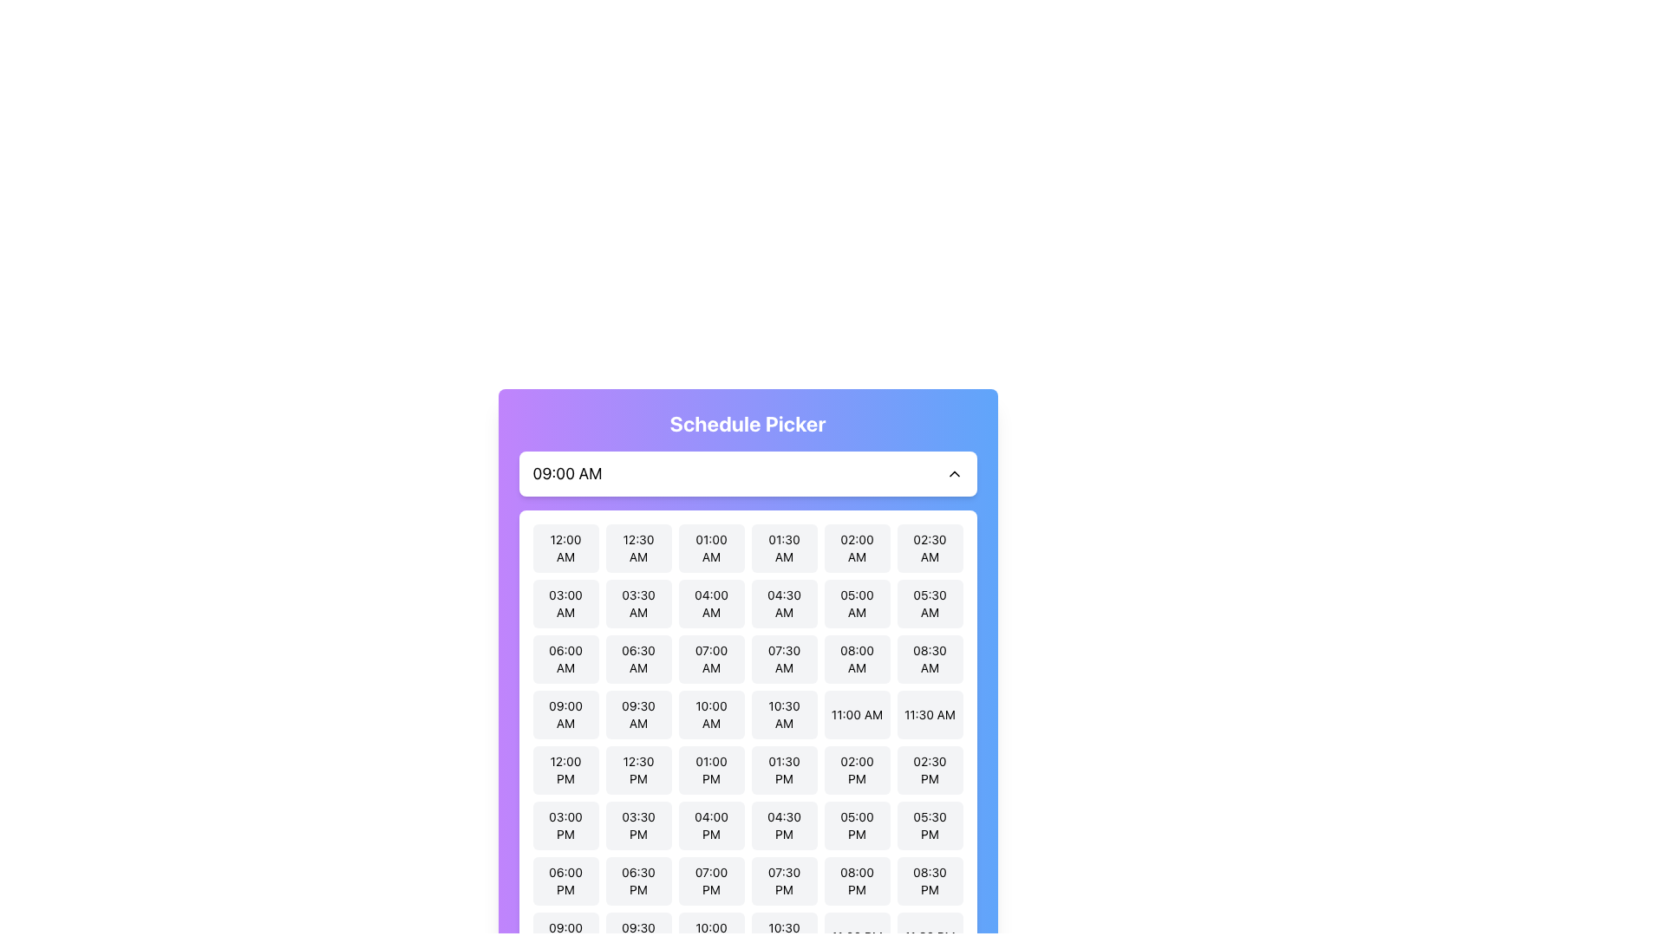 The width and height of the screenshot is (1665, 936). What do you see at coordinates (565, 881) in the screenshot?
I see `the button displaying '06:00 PM' to observe its styling change from light gray to light purple` at bounding box center [565, 881].